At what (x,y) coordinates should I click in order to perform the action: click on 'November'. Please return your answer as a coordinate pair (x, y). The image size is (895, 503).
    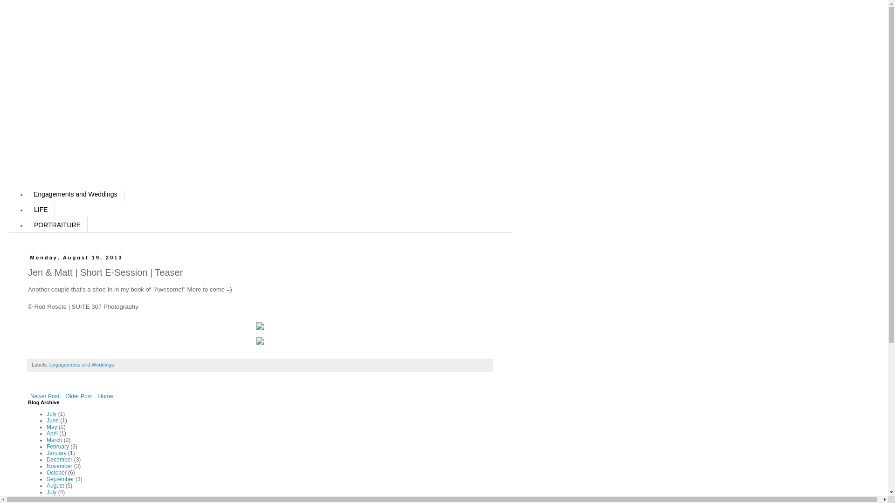
    Looking at the image, I should click on (59, 466).